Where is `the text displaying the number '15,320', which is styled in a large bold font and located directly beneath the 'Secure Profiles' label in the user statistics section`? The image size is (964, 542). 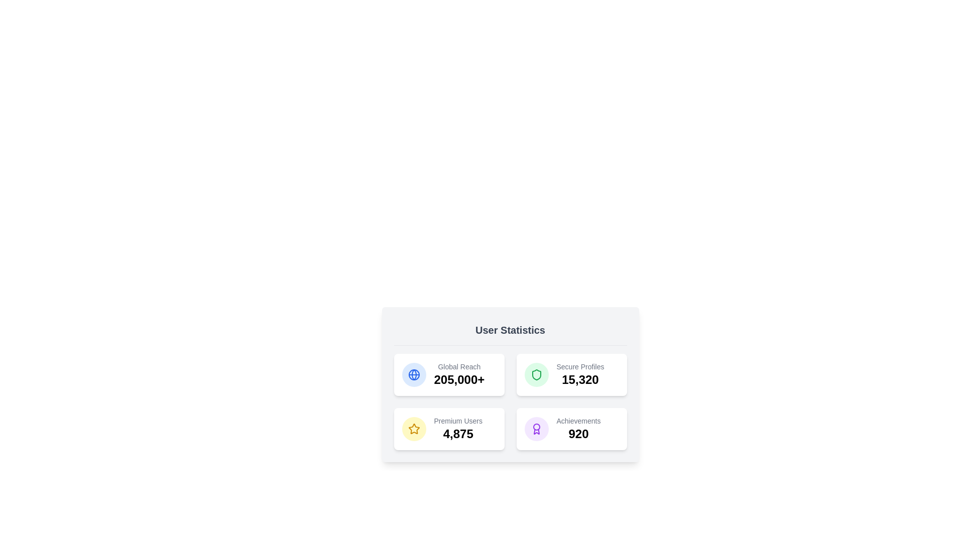 the text displaying the number '15,320', which is styled in a large bold font and located directly beneath the 'Secure Profiles' label in the user statistics section is located at coordinates (580, 379).